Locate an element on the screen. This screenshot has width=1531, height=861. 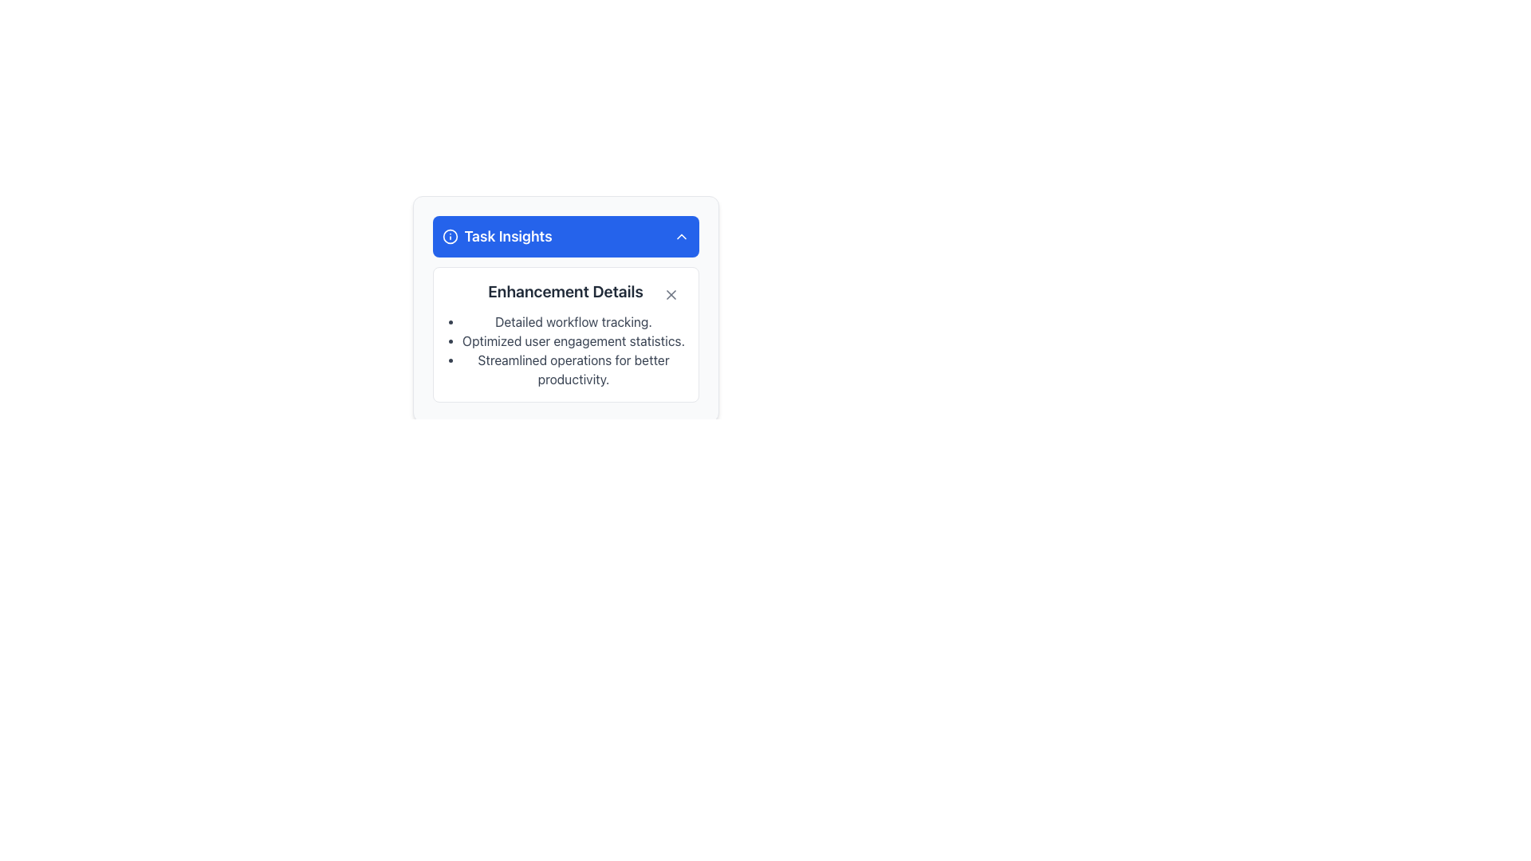
the small gray 'X' icon in the top-right corner of the 'Enhancement Details' section is located at coordinates (671, 295).